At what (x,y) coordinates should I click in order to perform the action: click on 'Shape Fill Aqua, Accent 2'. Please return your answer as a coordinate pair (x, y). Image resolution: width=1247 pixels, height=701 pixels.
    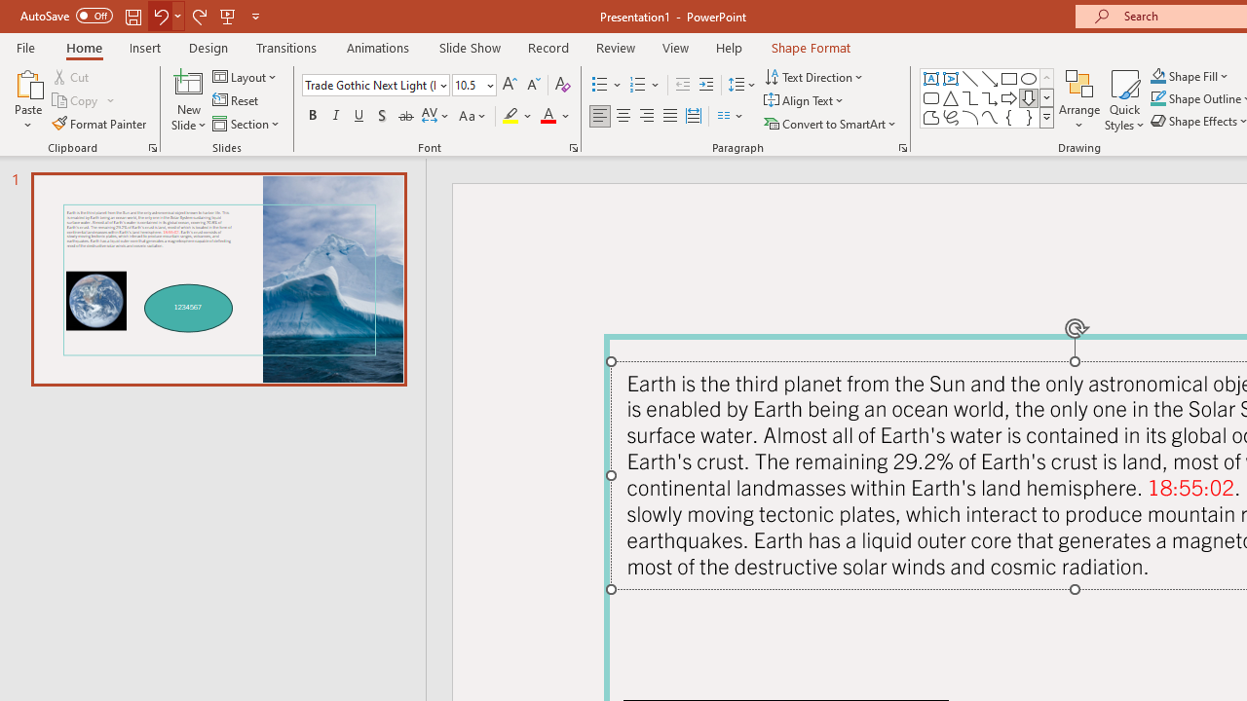
    Looking at the image, I should click on (1158, 75).